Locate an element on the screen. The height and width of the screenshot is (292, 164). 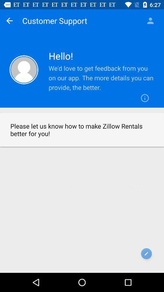
information symbol is located at coordinates (145, 98).